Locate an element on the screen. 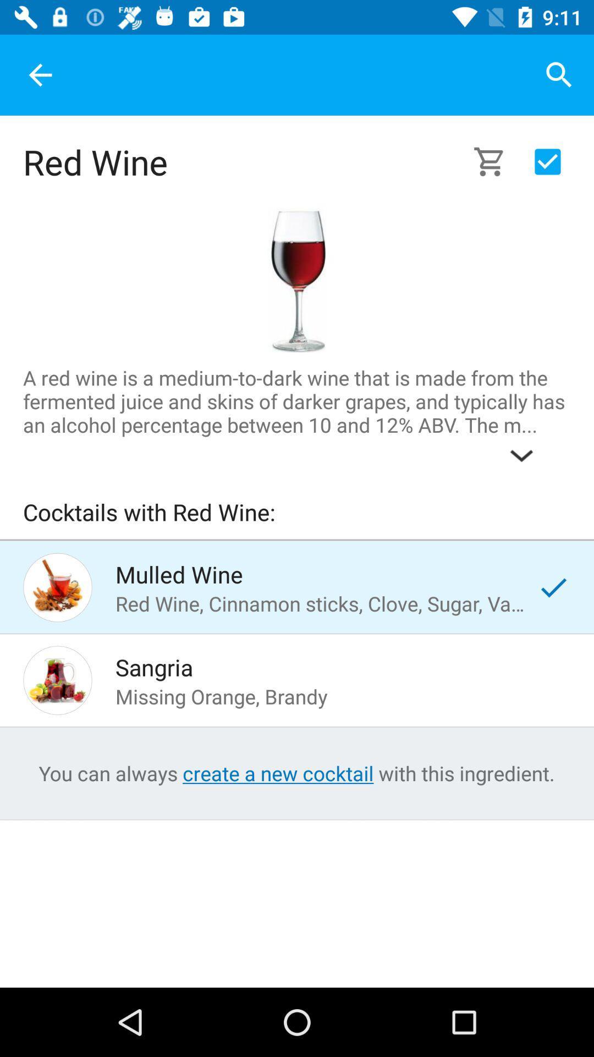  to cart is located at coordinates (547, 161).